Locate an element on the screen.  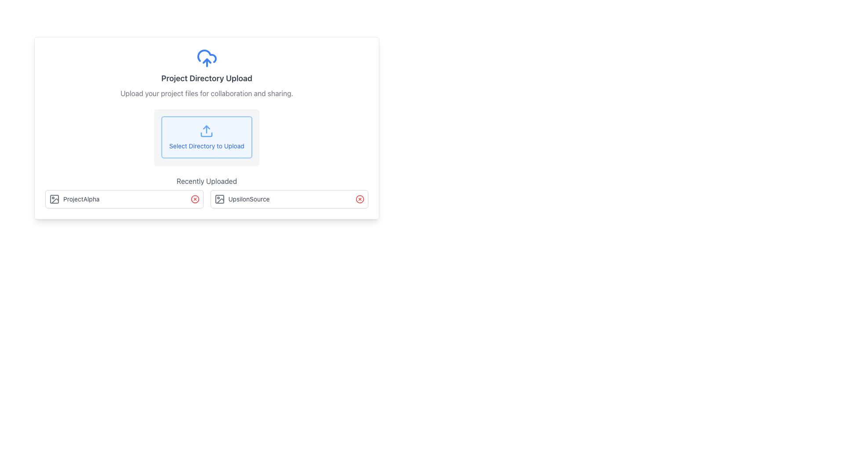
the circular red-bordered icon representing the 'delete' button for the file 'UpsilonSource' in the 'Recently Uploaded' section is located at coordinates (360, 199).